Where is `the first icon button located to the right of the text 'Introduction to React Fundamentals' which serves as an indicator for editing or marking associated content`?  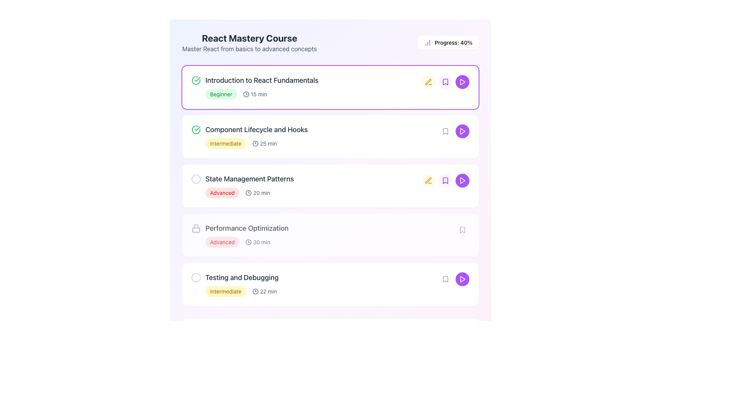 the first icon button located to the right of the text 'Introduction to React Fundamentals' which serves as an indicator for editing or marking associated content is located at coordinates (428, 82).